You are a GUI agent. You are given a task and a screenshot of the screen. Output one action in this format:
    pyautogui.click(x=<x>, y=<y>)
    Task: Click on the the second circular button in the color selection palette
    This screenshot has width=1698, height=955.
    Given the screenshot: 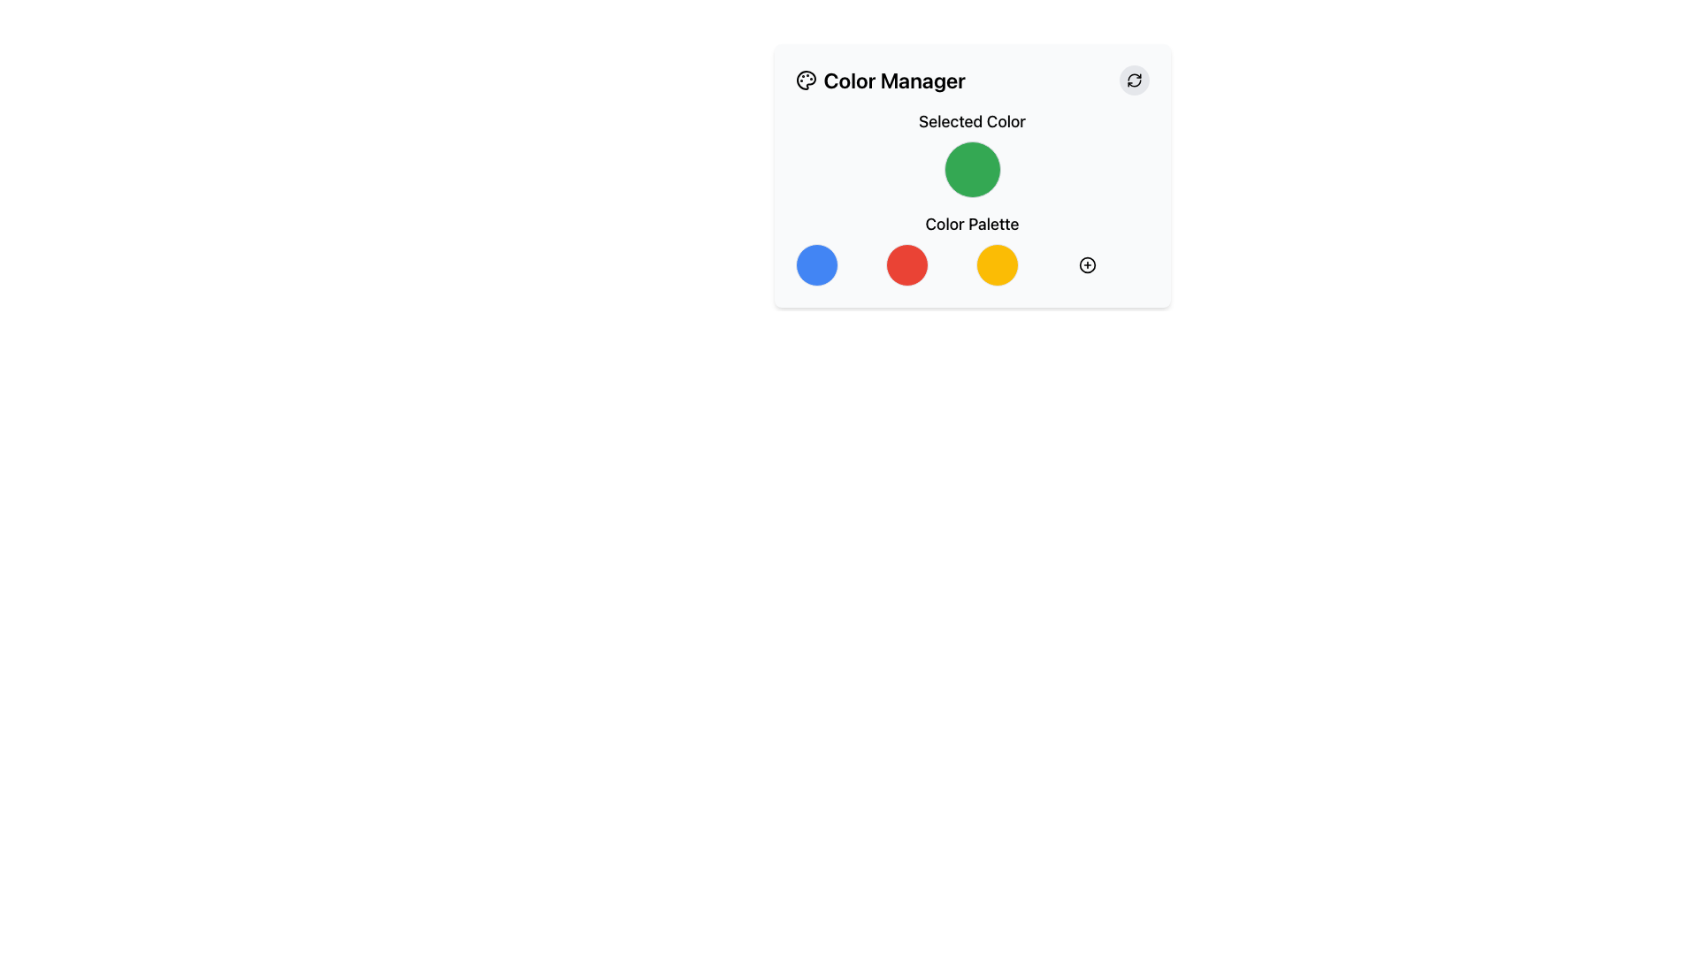 What is the action you would take?
    pyautogui.click(x=906, y=265)
    